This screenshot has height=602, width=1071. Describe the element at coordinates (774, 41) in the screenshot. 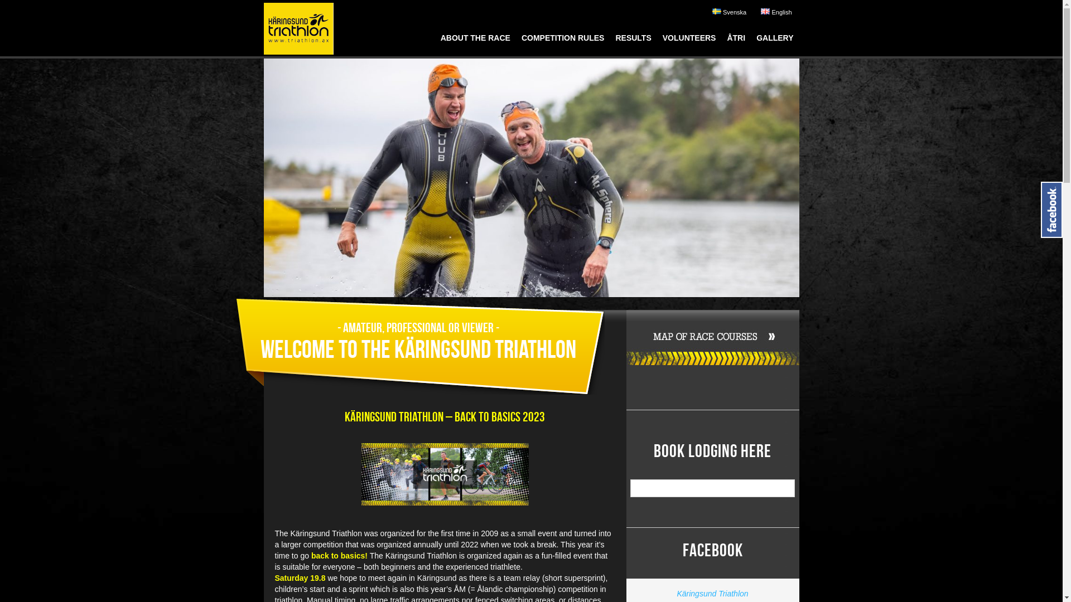

I see `'GALLERY'` at that location.